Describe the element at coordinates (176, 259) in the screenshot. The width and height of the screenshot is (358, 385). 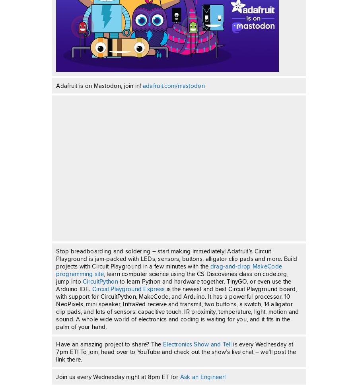
I see `'Stop breadboarding and soldering – start making immediately! Adafruit’s Circuit Playground is jam-packed with LEDs, sensors, buttons, alligator clip pads and more. Build projects with Circuit Playground in a few minutes with the'` at that location.